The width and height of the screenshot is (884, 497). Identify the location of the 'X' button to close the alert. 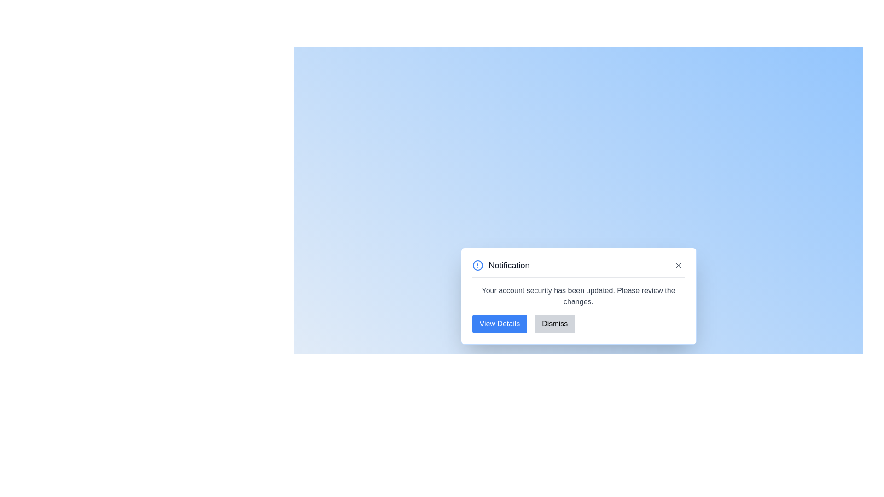
(678, 265).